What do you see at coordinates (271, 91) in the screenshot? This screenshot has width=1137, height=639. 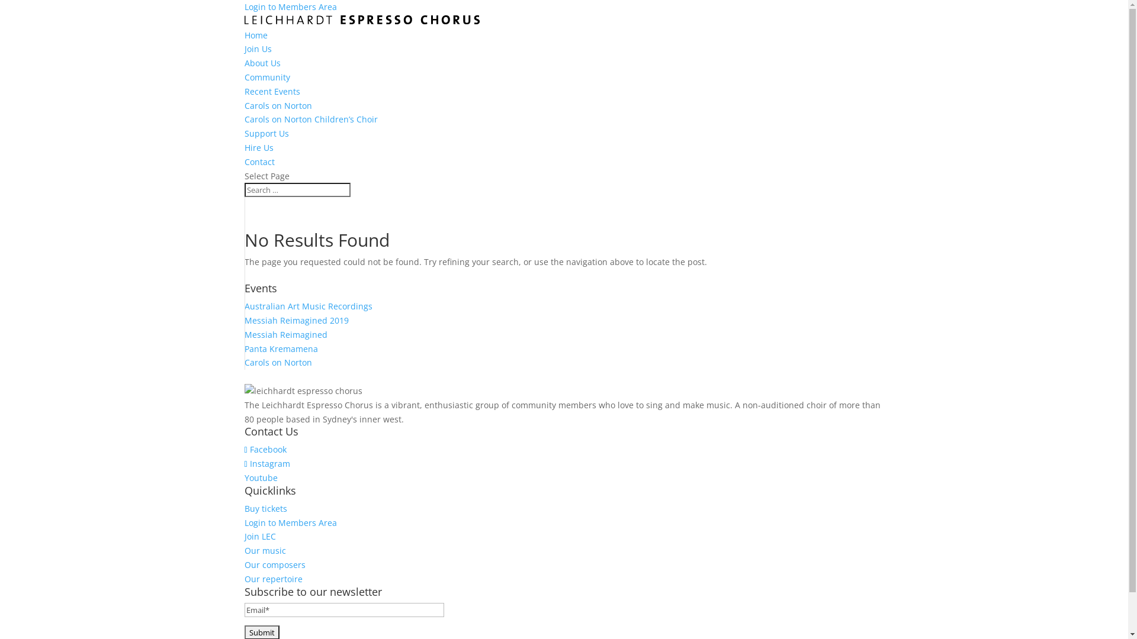 I see `'Recent Events'` at bounding box center [271, 91].